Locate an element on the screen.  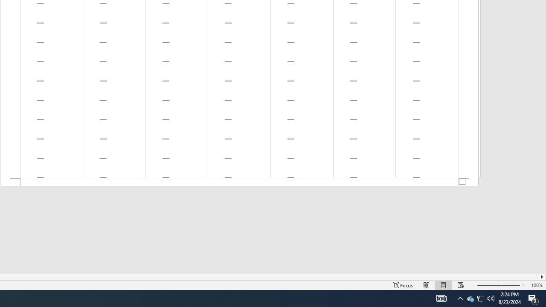
'Column right' is located at coordinates (542, 277).